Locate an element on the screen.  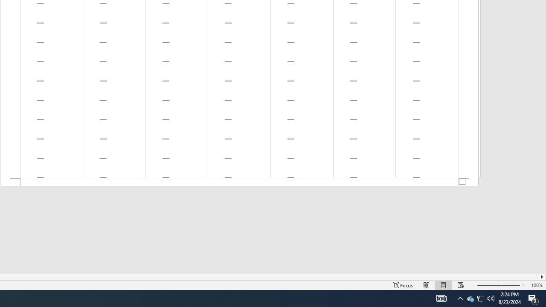
'Column right' is located at coordinates (542, 277).